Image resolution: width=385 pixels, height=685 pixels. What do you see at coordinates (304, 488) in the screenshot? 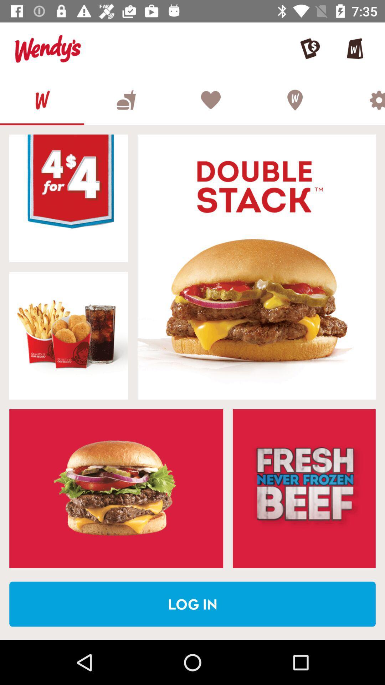
I see `sales promo` at bounding box center [304, 488].